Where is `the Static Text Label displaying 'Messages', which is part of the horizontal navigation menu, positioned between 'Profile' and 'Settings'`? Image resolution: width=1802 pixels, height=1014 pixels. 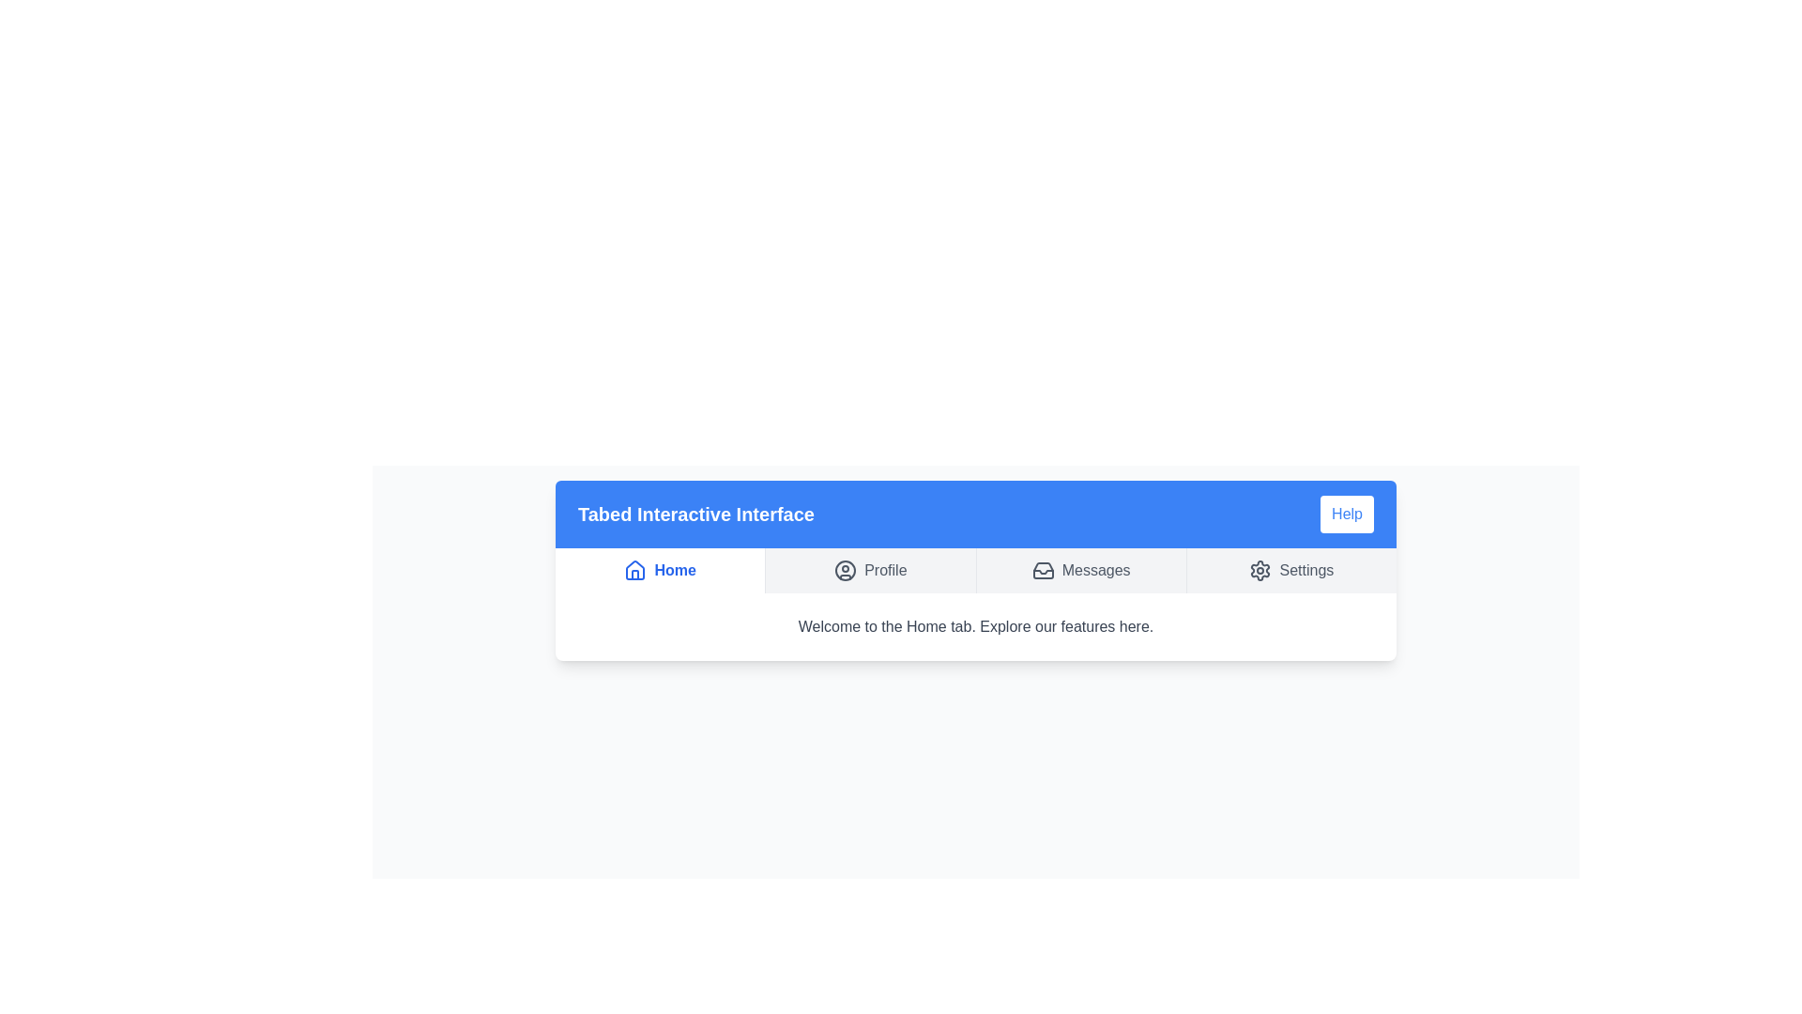
the Static Text Label displaying 'Messages', which is part of the horizontal navigation menu, positioned between 'Profile' and 'Settings' is located at coordinates (1096, 570).